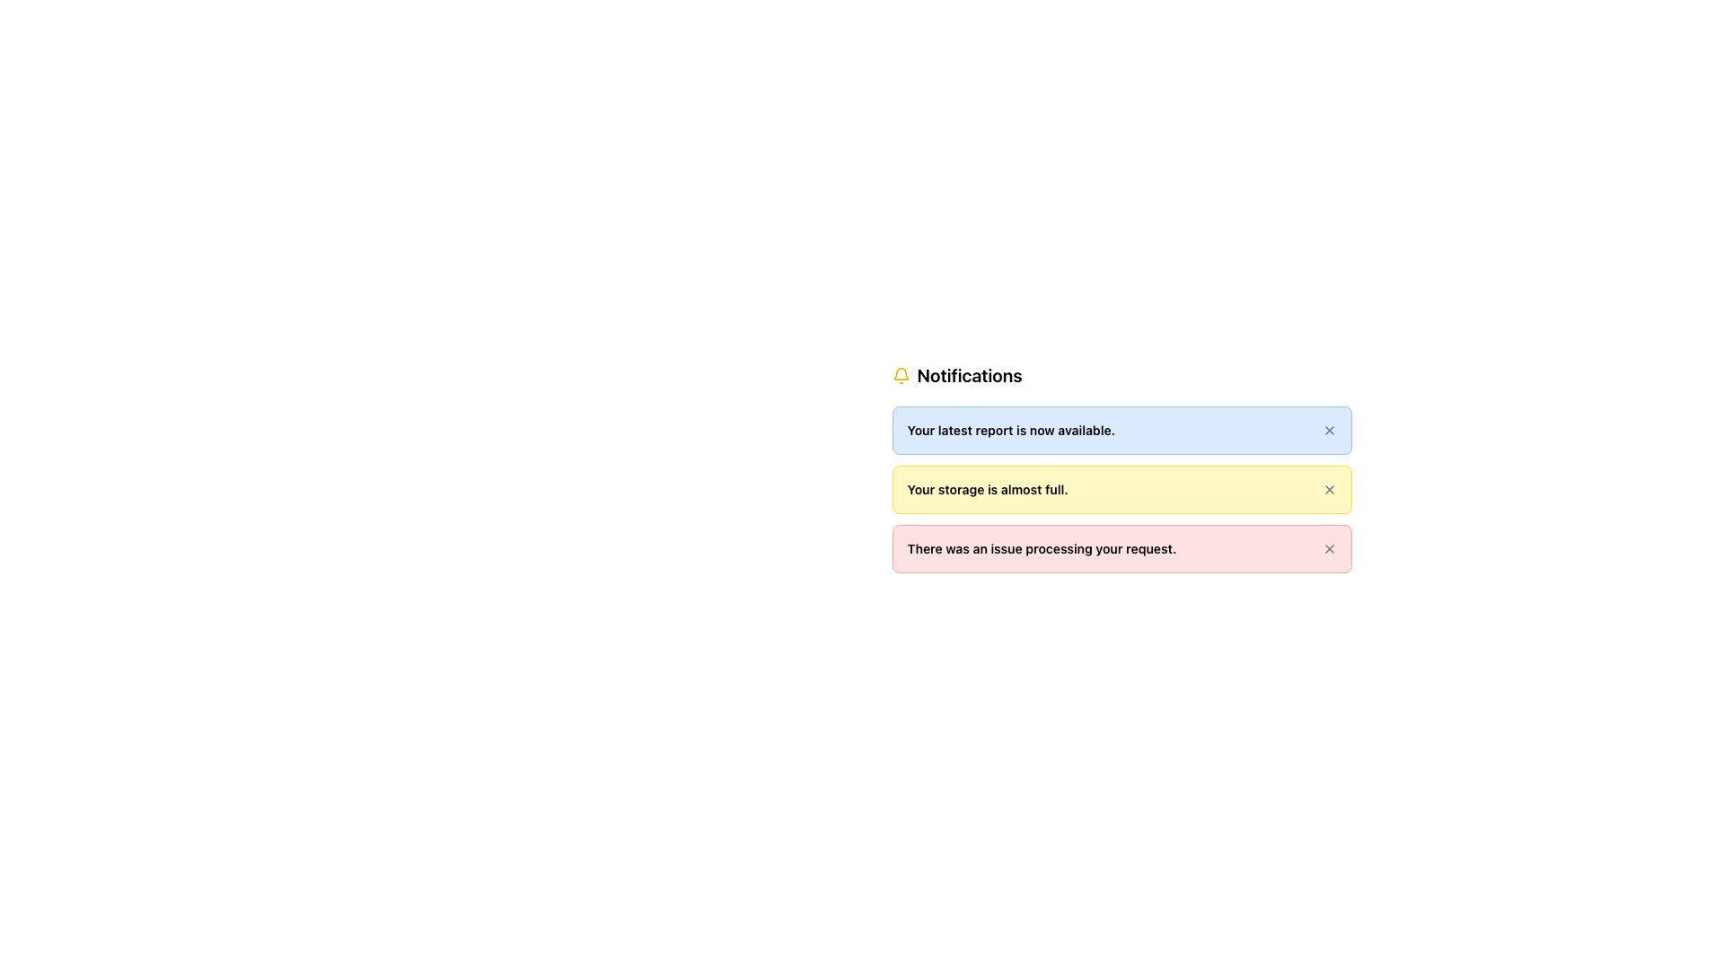  Describe the element at coordinates (1329, 548) in the screenshot. I see `the close icon (small square with 'X') in the top-right corner of the notification banner` at that location.